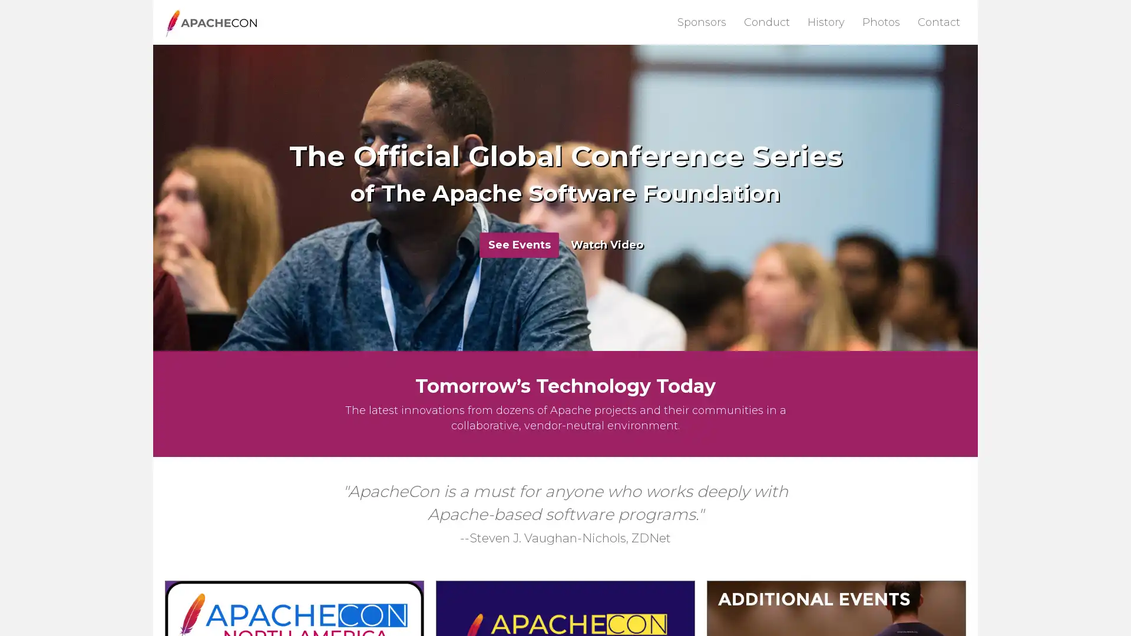 The image size is (1131, 636). What do you see at coordinates (607, 244) in the screenshot?
I see `Watch Video` at bounding box center [607, 244].